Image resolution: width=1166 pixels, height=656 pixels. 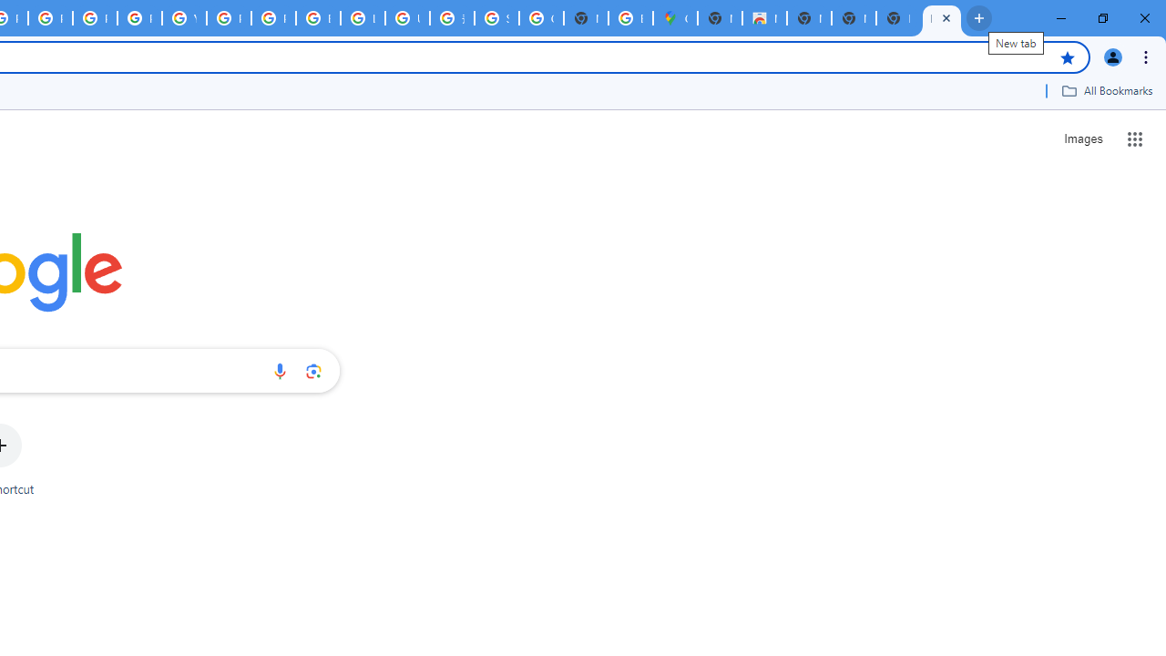 What do you see at coordinates (630, 18) in the screenshot?
I see `'Explore new street-level details - Google Maps Help'` at bounding box center [630, 18].